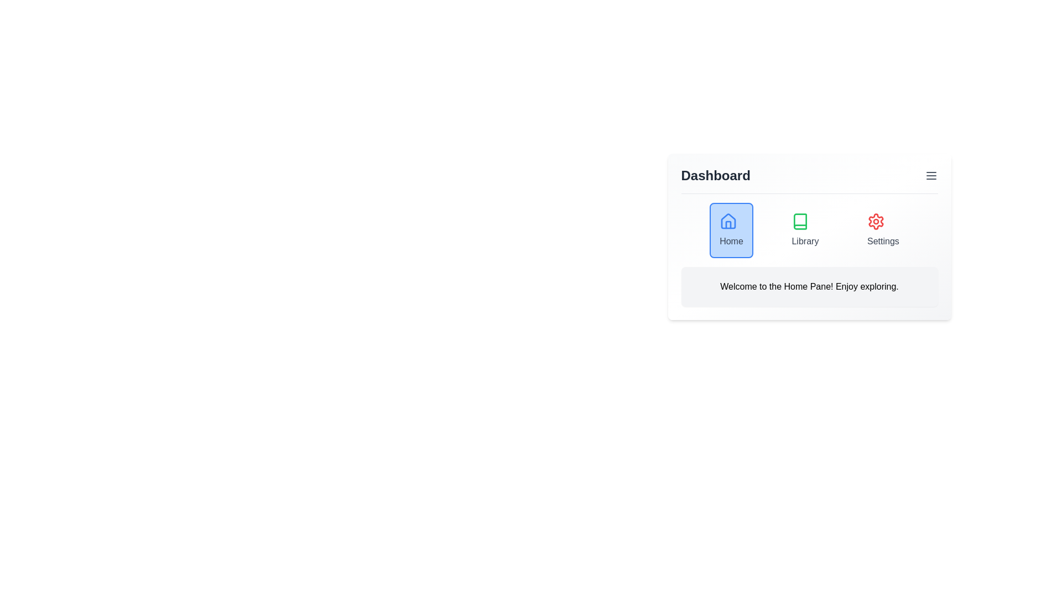  Describe the element at coordinates (876, 222) in the screenshot. I see `the gear icon` at that location.